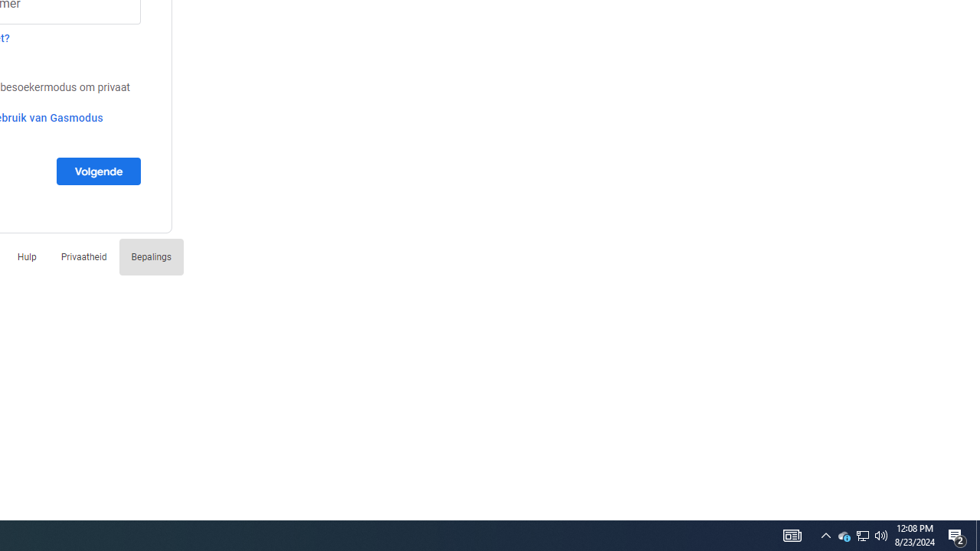 This screenshot has width=980, height=551. I want to click on 'Bepalings', so click(151, 256).